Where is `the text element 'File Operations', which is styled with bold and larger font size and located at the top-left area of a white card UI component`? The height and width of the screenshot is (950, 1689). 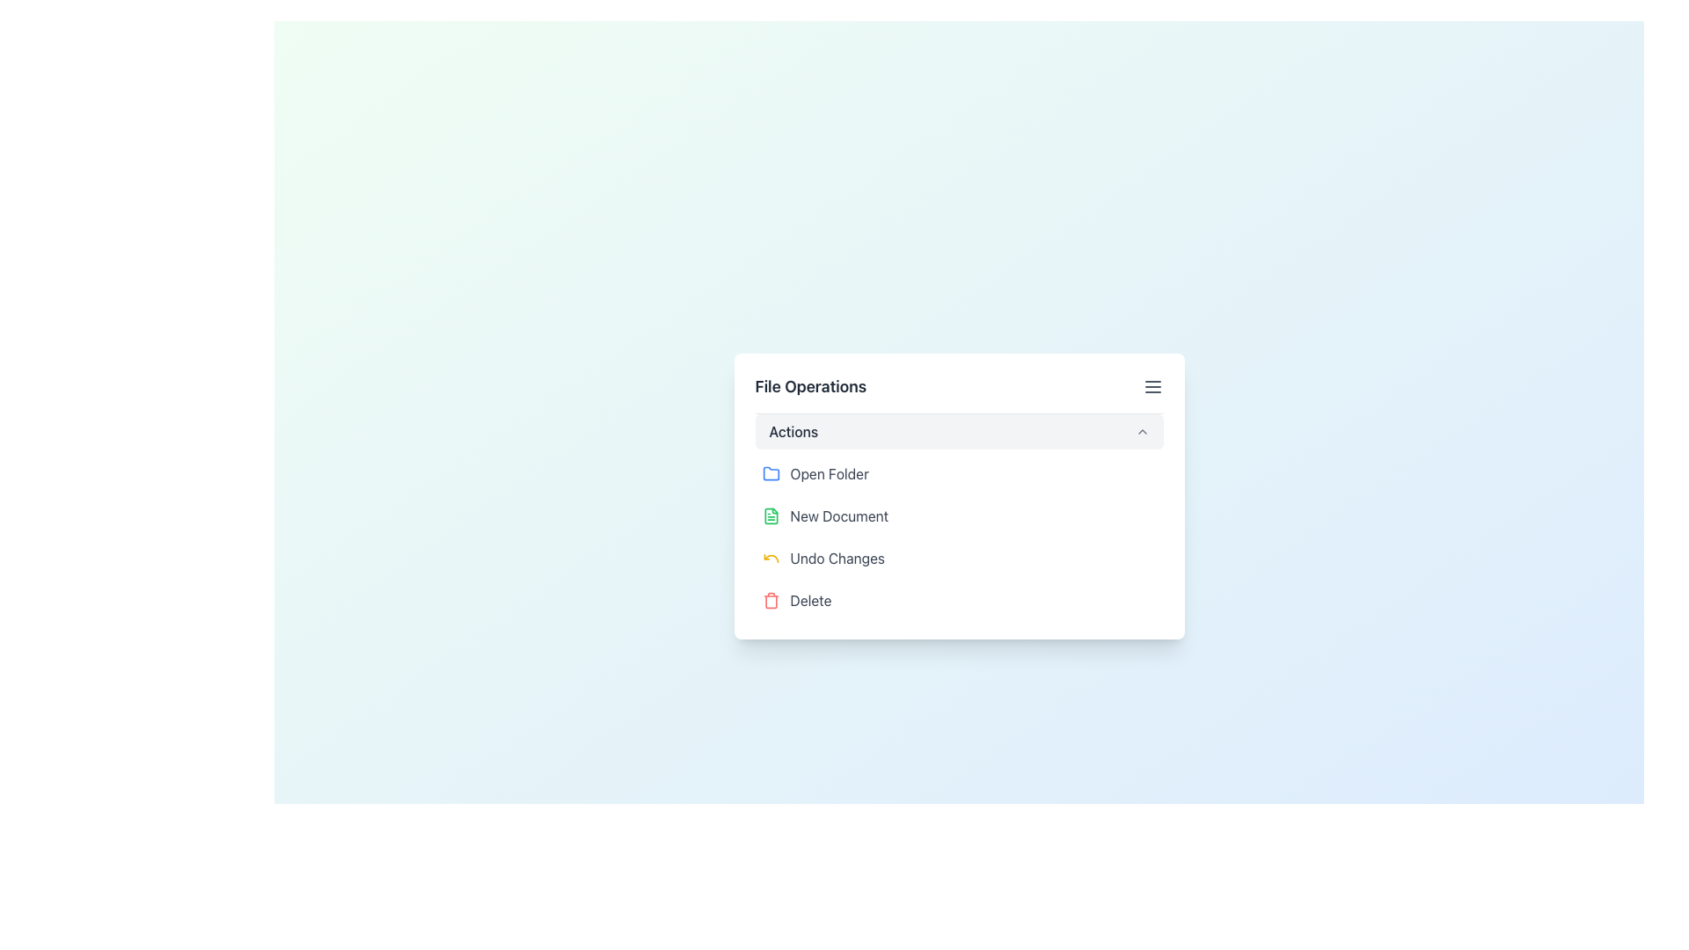
the text element 'File Operations', which is styled with bold and larger font size and located at the top-left area of a white card UI component is located at coordinates (809, 385).